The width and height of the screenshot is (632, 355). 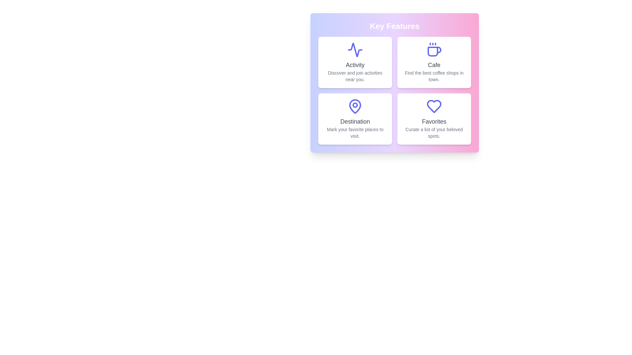 I want to click on the Favorites icon to interact with the corresponding feature, so click(x=434, y=106).